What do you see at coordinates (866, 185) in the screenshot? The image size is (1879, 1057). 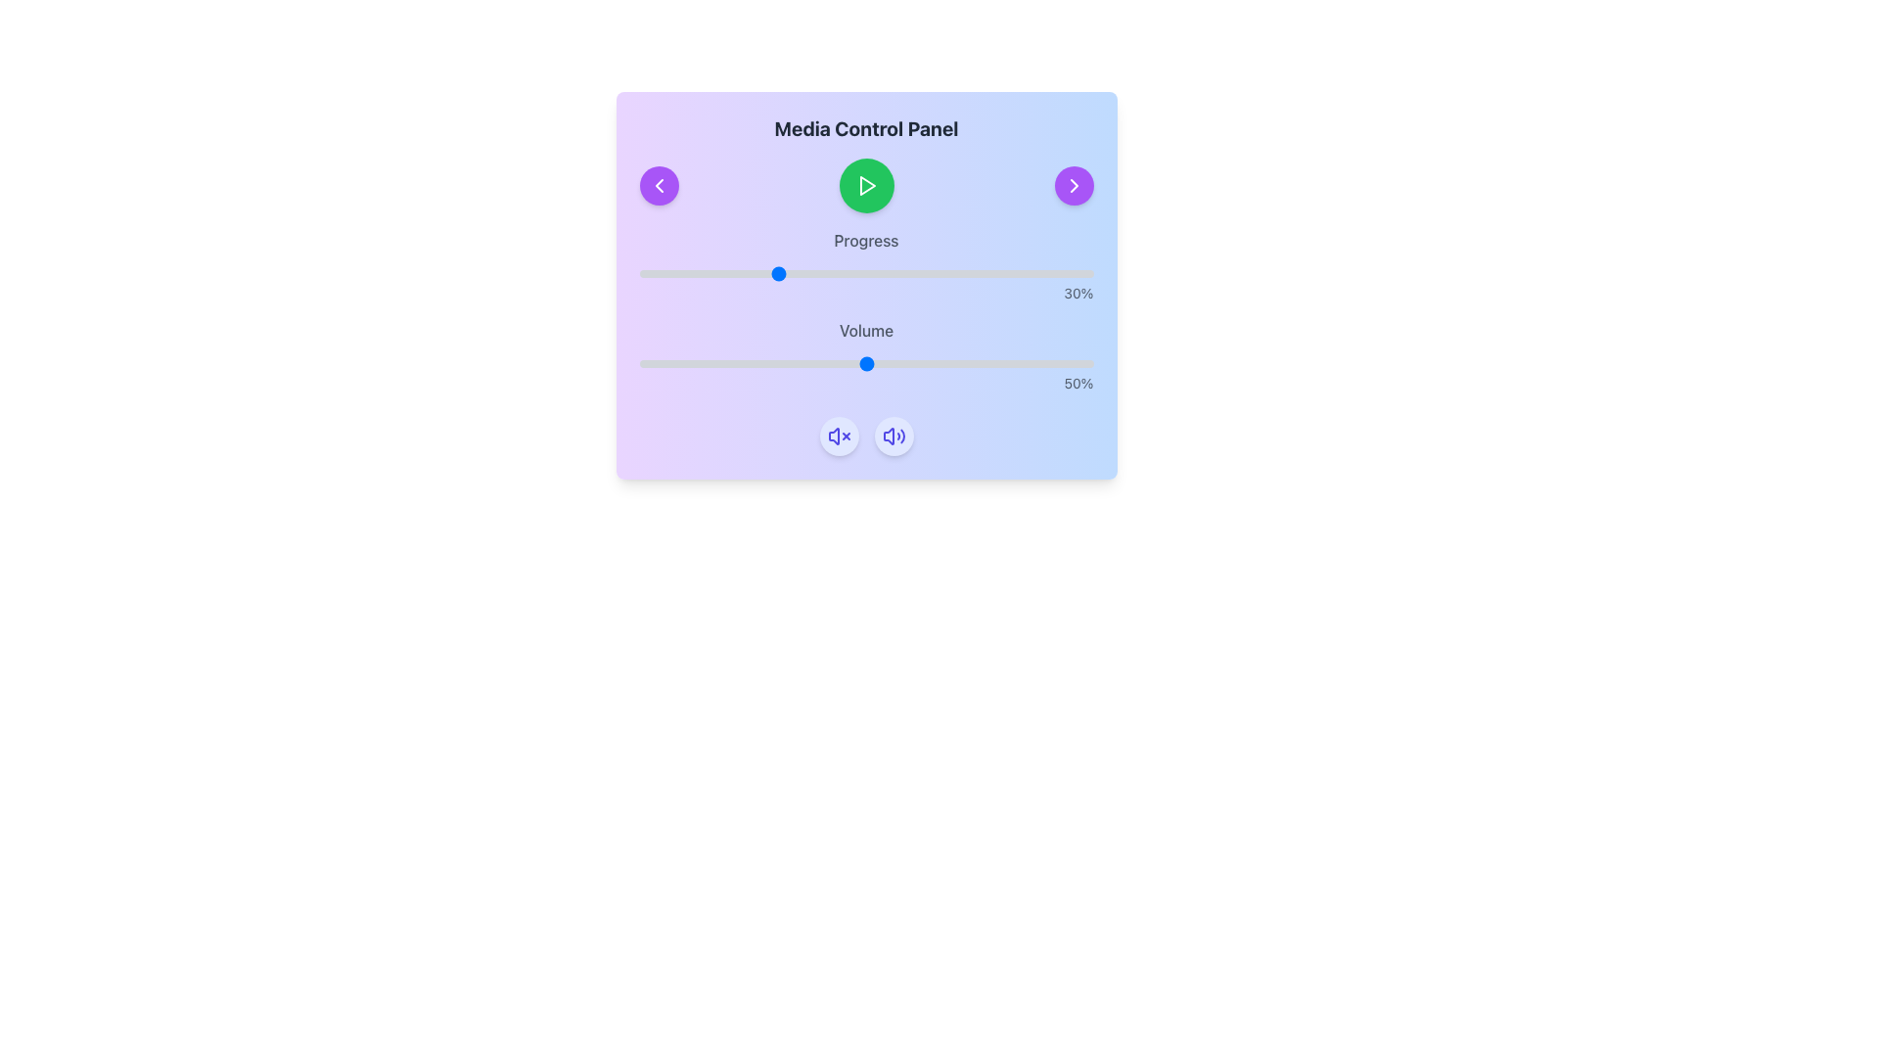 I see `the play icon located in the center of the green circular button` at bounding box center [866, 185].